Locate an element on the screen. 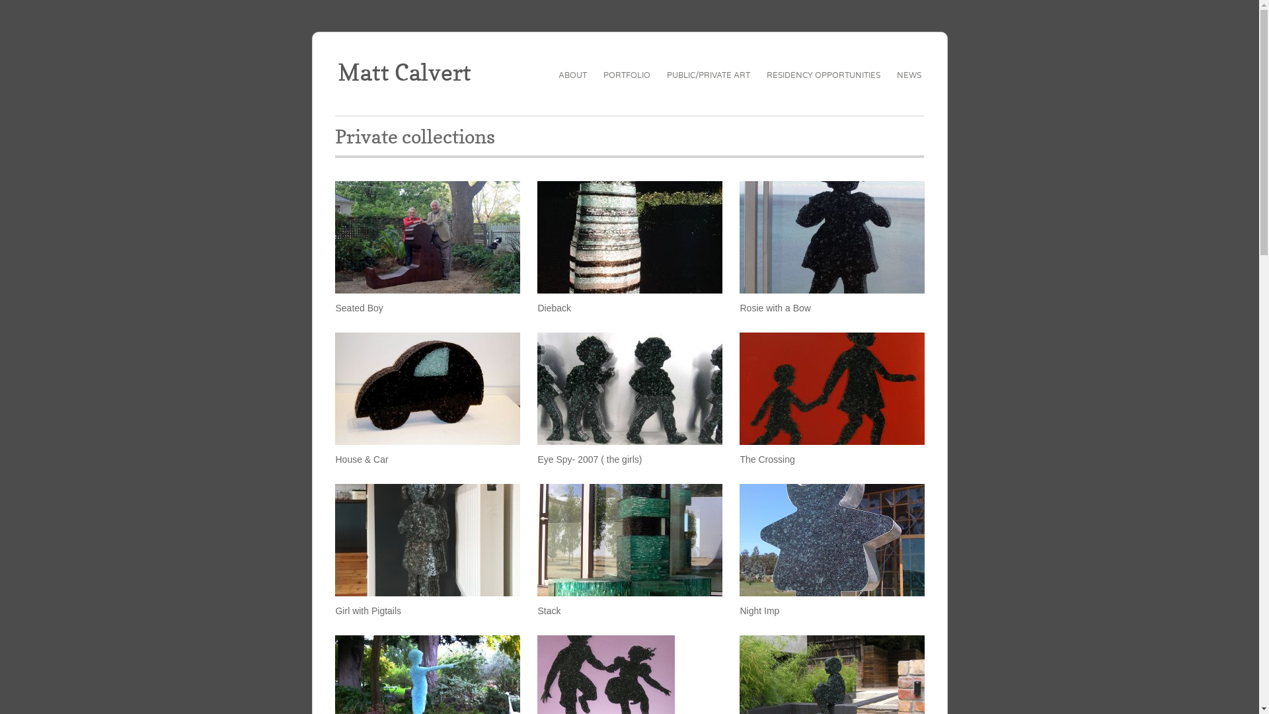 This screenshot has width=1269, height=714. 'PORTFOLIO' is located at coordinates (626, 75).